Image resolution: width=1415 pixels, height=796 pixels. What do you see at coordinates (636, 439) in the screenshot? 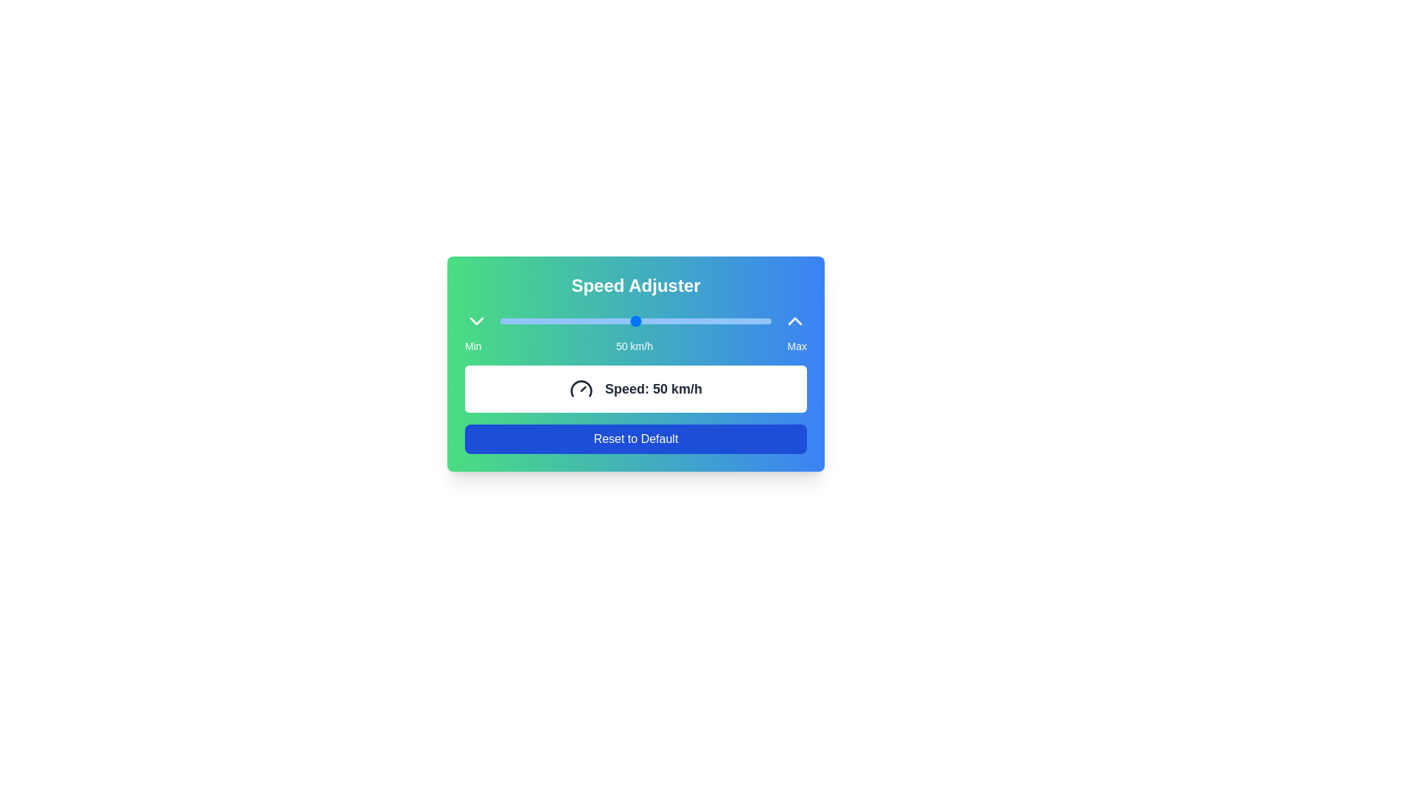
I see `the 'Reset to Default' button with a blue background and white text, which is located below the 'Speed: 50 km/h' display in the 'Speed Adjuster' widget` at bounding box center [636, 439].